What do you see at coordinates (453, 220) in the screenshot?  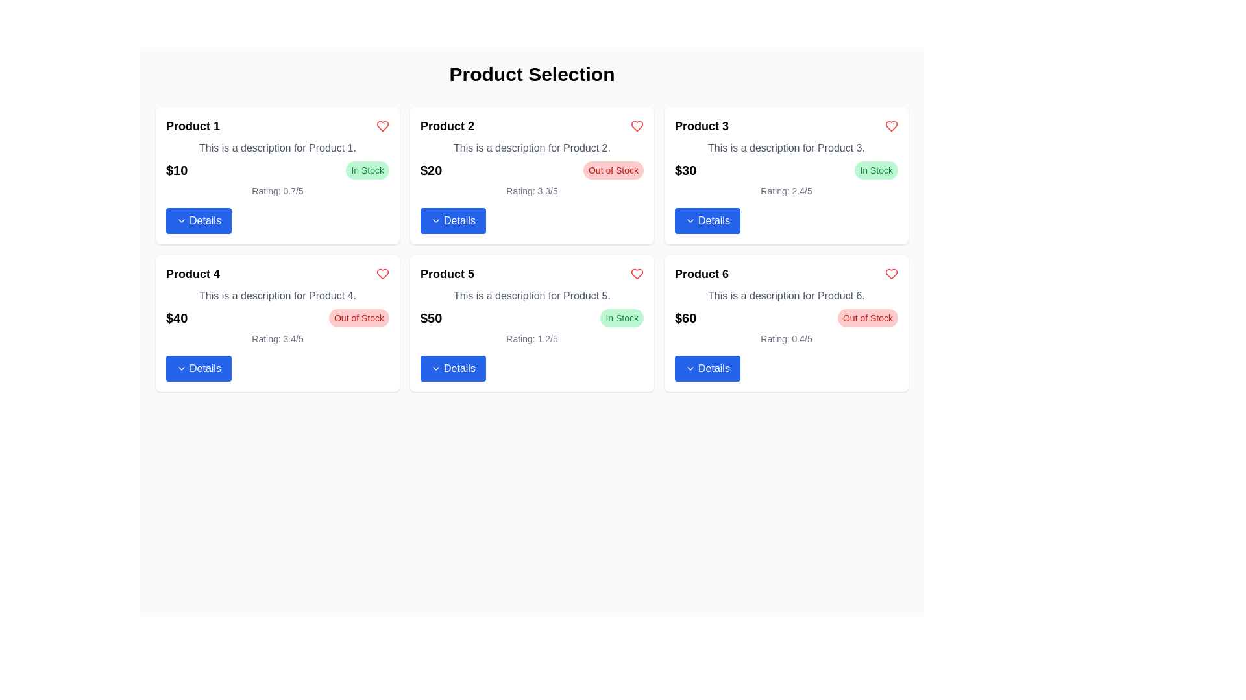 I see `the blue 'Details' button with white text located at the bottom-right corner of the 'Product 2' card` at bounding box center [453, 220].